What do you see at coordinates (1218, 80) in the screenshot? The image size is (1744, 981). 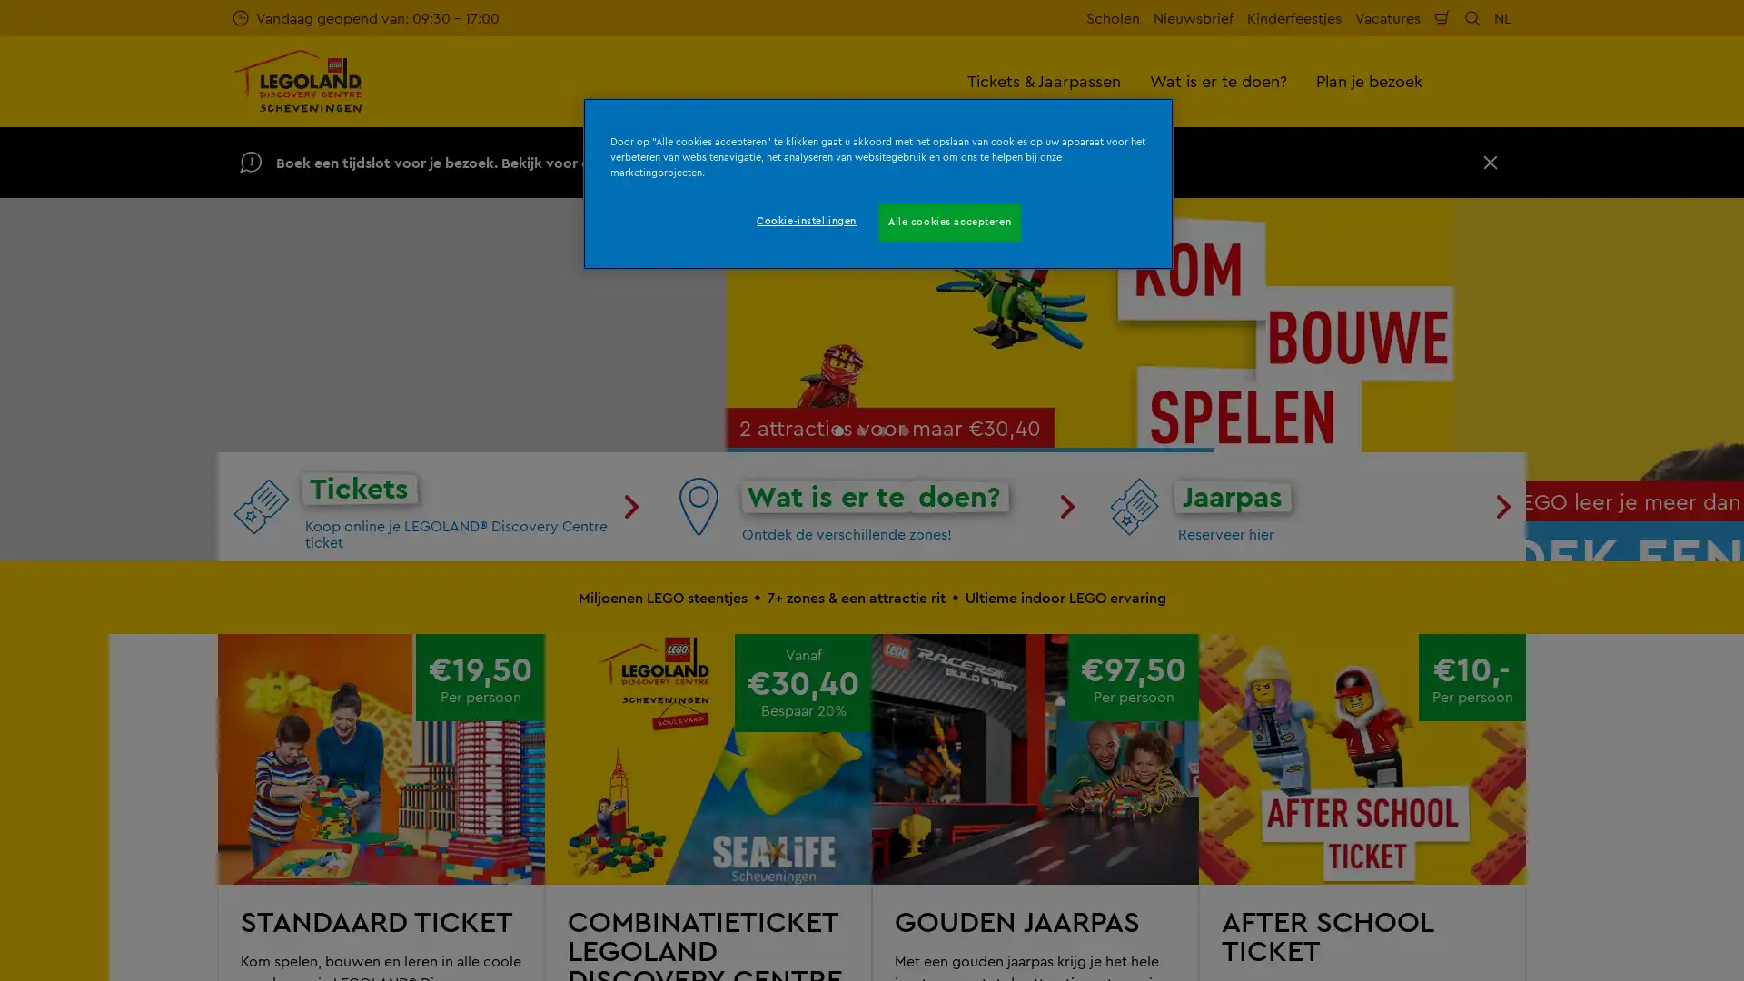 I see `Wat is er te doen?` at bounding box center [1218, 80].